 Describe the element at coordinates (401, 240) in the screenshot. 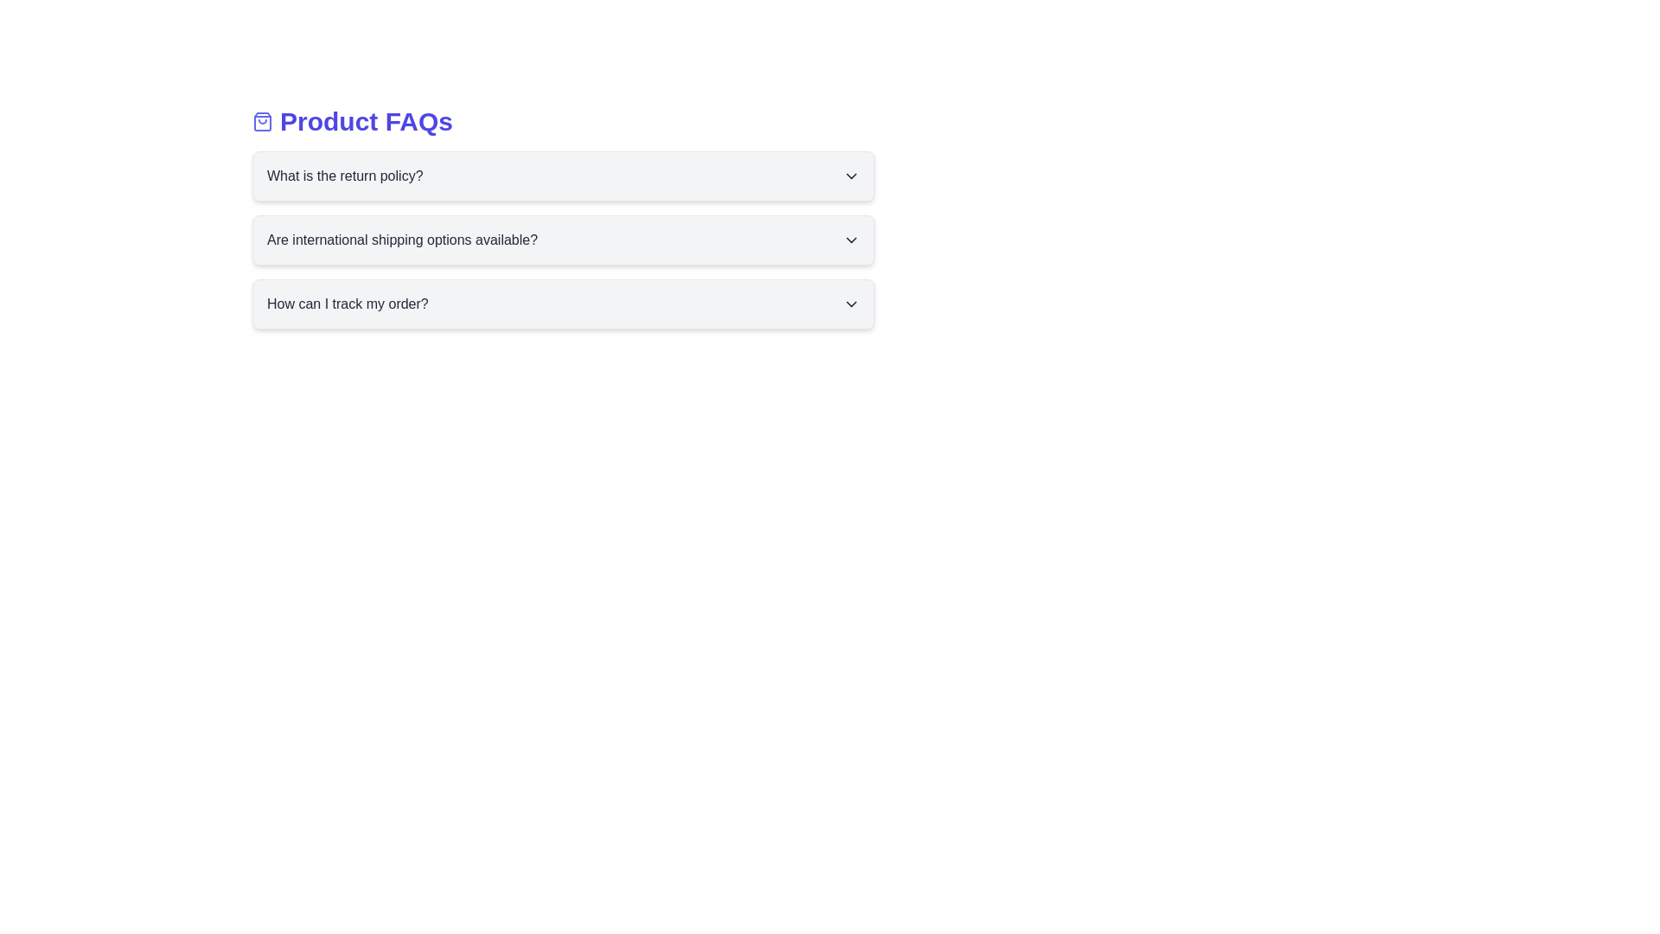

I see `the FAQ question about international shipping options` at that location.